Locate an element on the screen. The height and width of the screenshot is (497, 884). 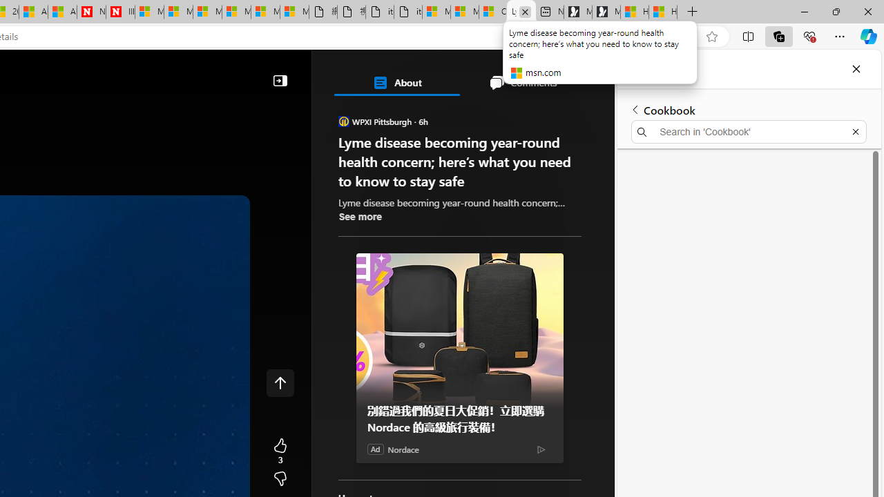
'Search in ' is located at coordinates (748, 132).